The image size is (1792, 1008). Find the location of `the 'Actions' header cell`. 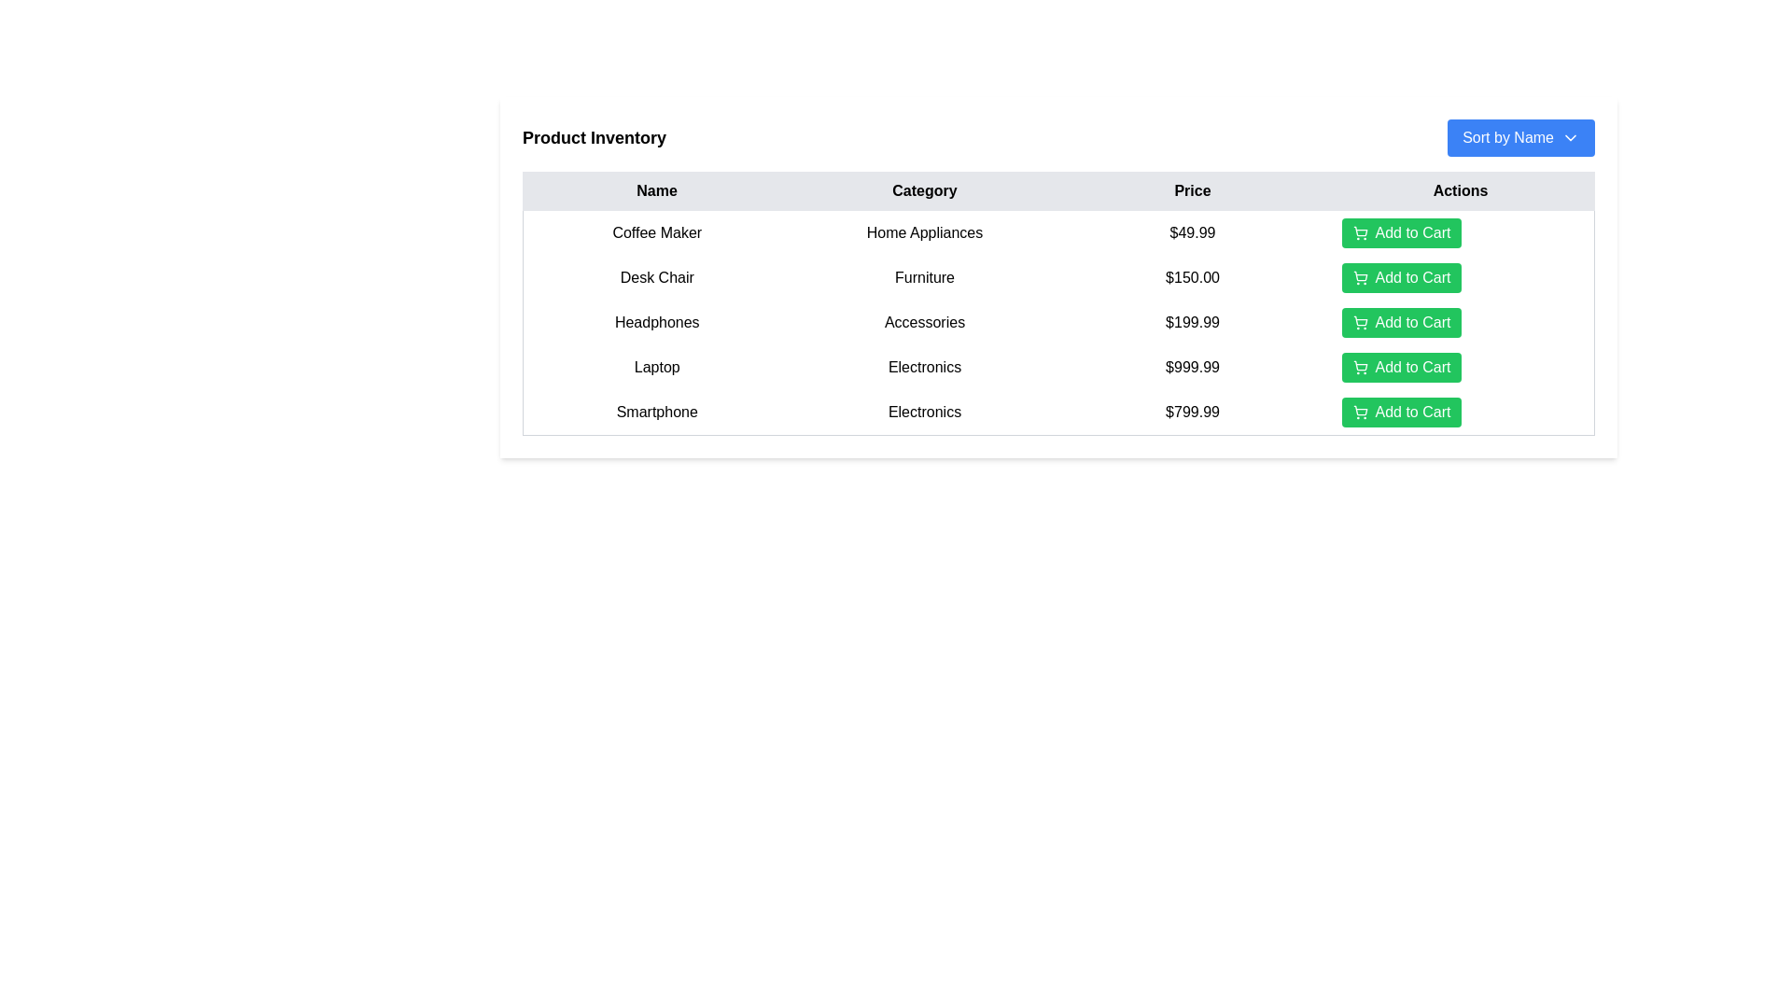

the 'Actions' header cell is located at coordinates (1459, 190).